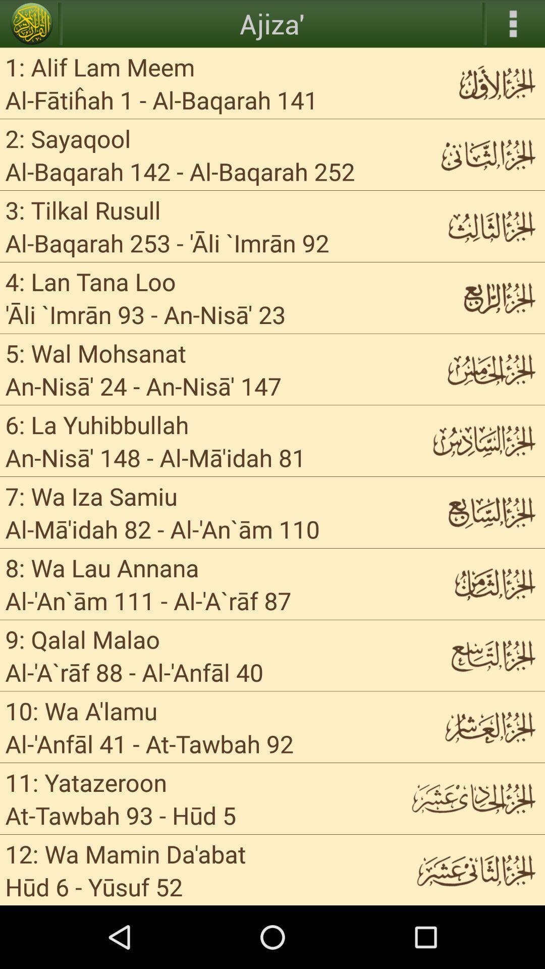 The width and height of the screenshot is (545, 969). Describe the element at coordinates (513, 25) in the screenshot. I see `the more icon` at that location.